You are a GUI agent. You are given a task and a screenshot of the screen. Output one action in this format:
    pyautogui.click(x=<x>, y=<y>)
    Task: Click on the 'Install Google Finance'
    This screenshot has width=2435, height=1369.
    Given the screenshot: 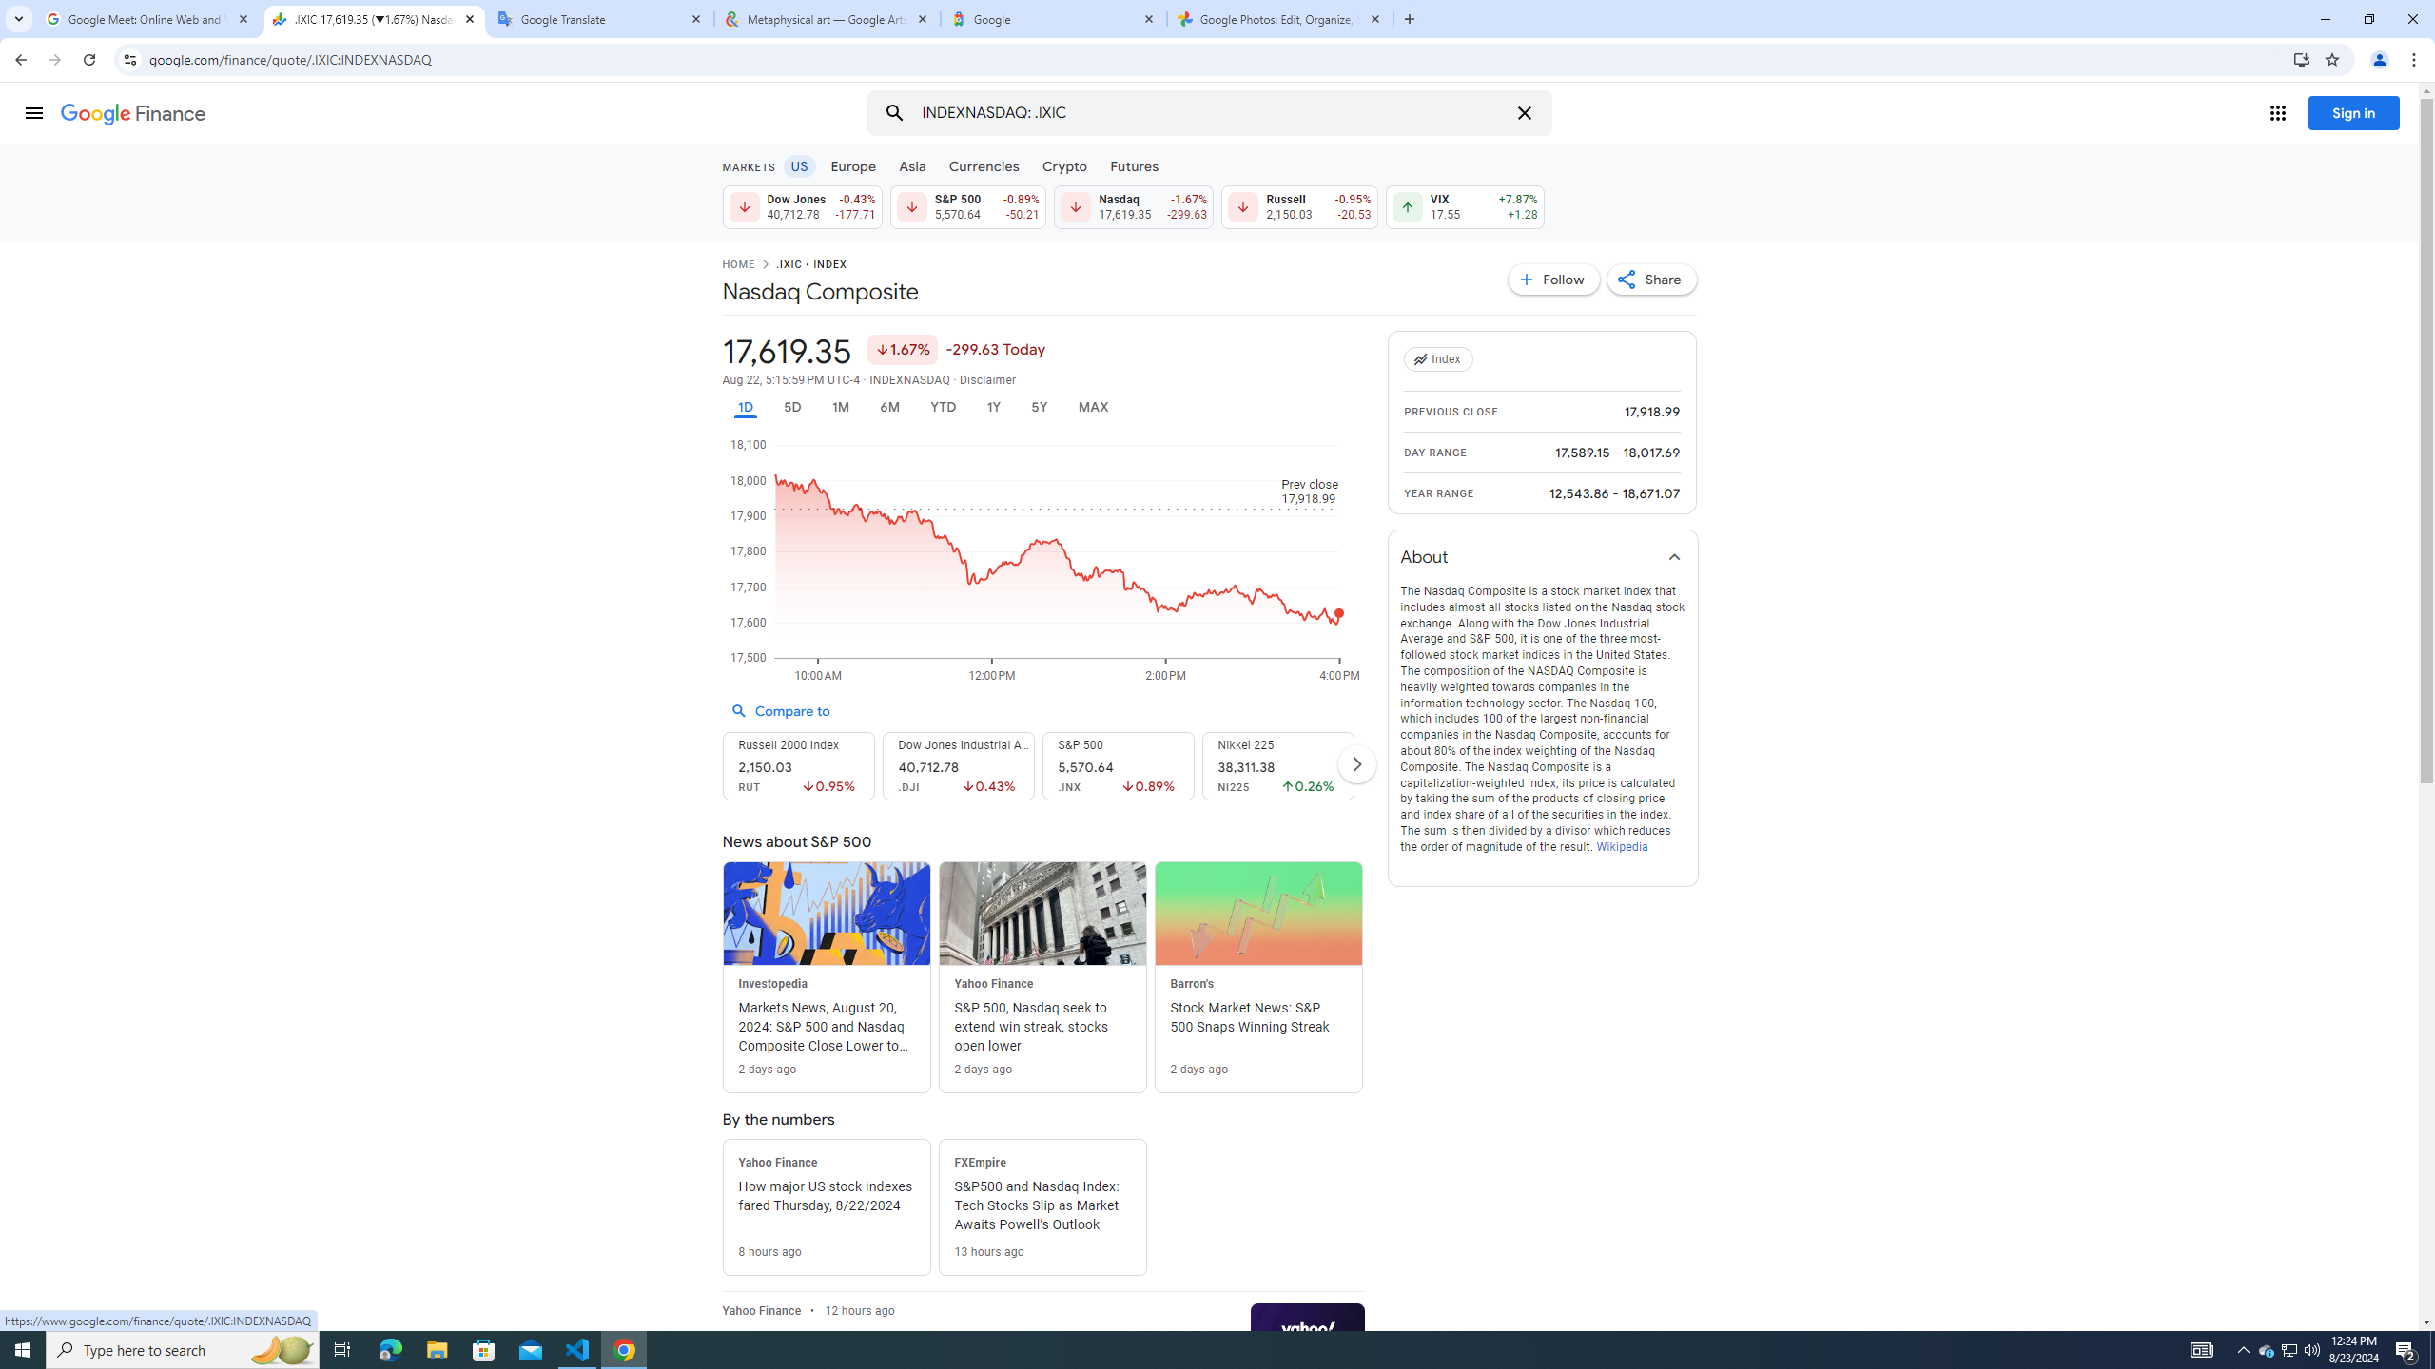 What is the action you would take?
    pyautogui.click(x=2302, y=58)
    